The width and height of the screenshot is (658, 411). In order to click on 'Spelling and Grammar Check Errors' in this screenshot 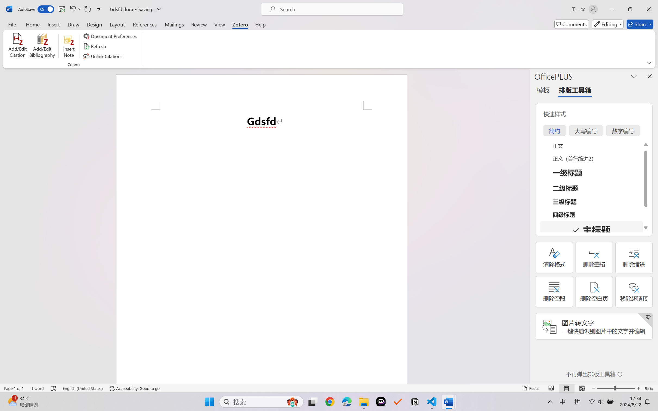, I will do `click(54, 388)`.